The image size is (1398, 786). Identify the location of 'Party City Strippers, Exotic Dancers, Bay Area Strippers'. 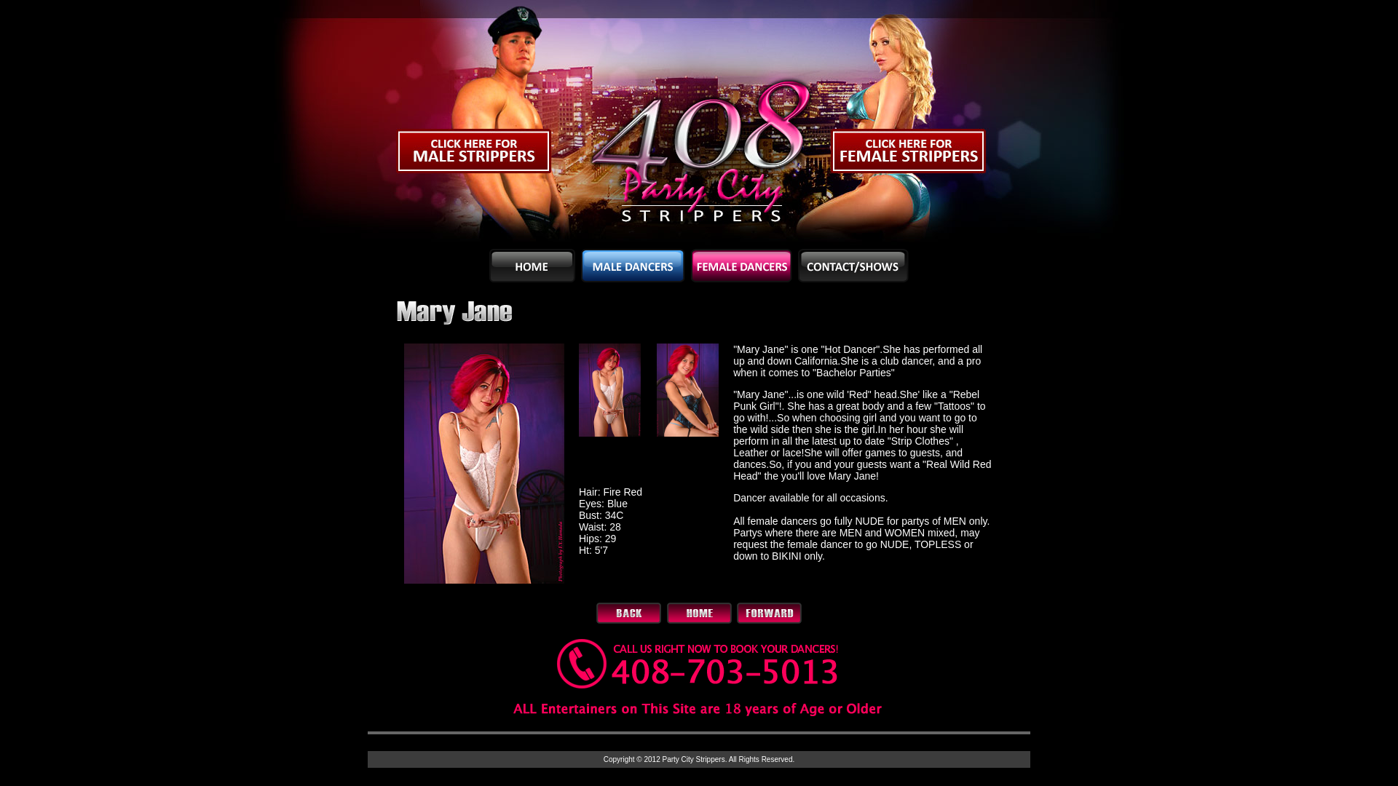
(473, 123).